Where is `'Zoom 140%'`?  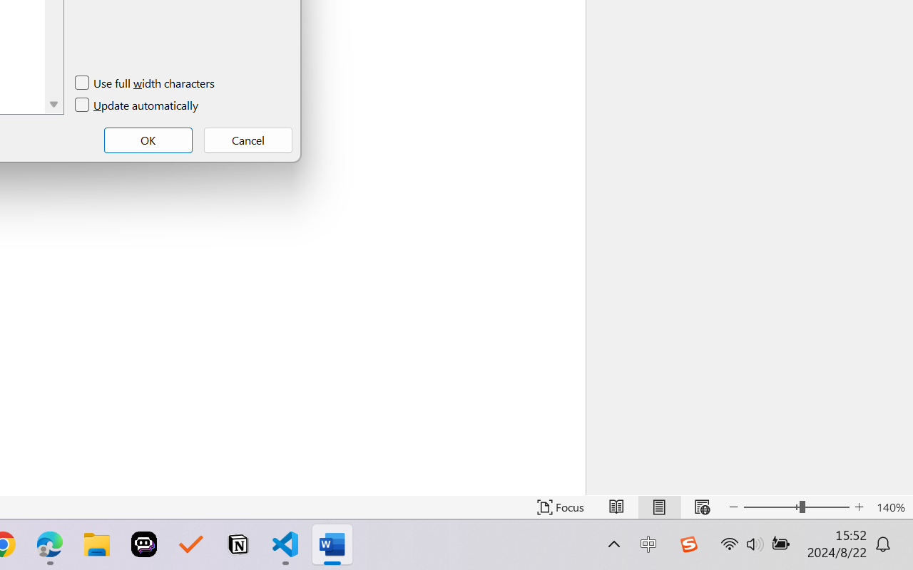
'Zoom 140%' is located at coordinates (890, 507).